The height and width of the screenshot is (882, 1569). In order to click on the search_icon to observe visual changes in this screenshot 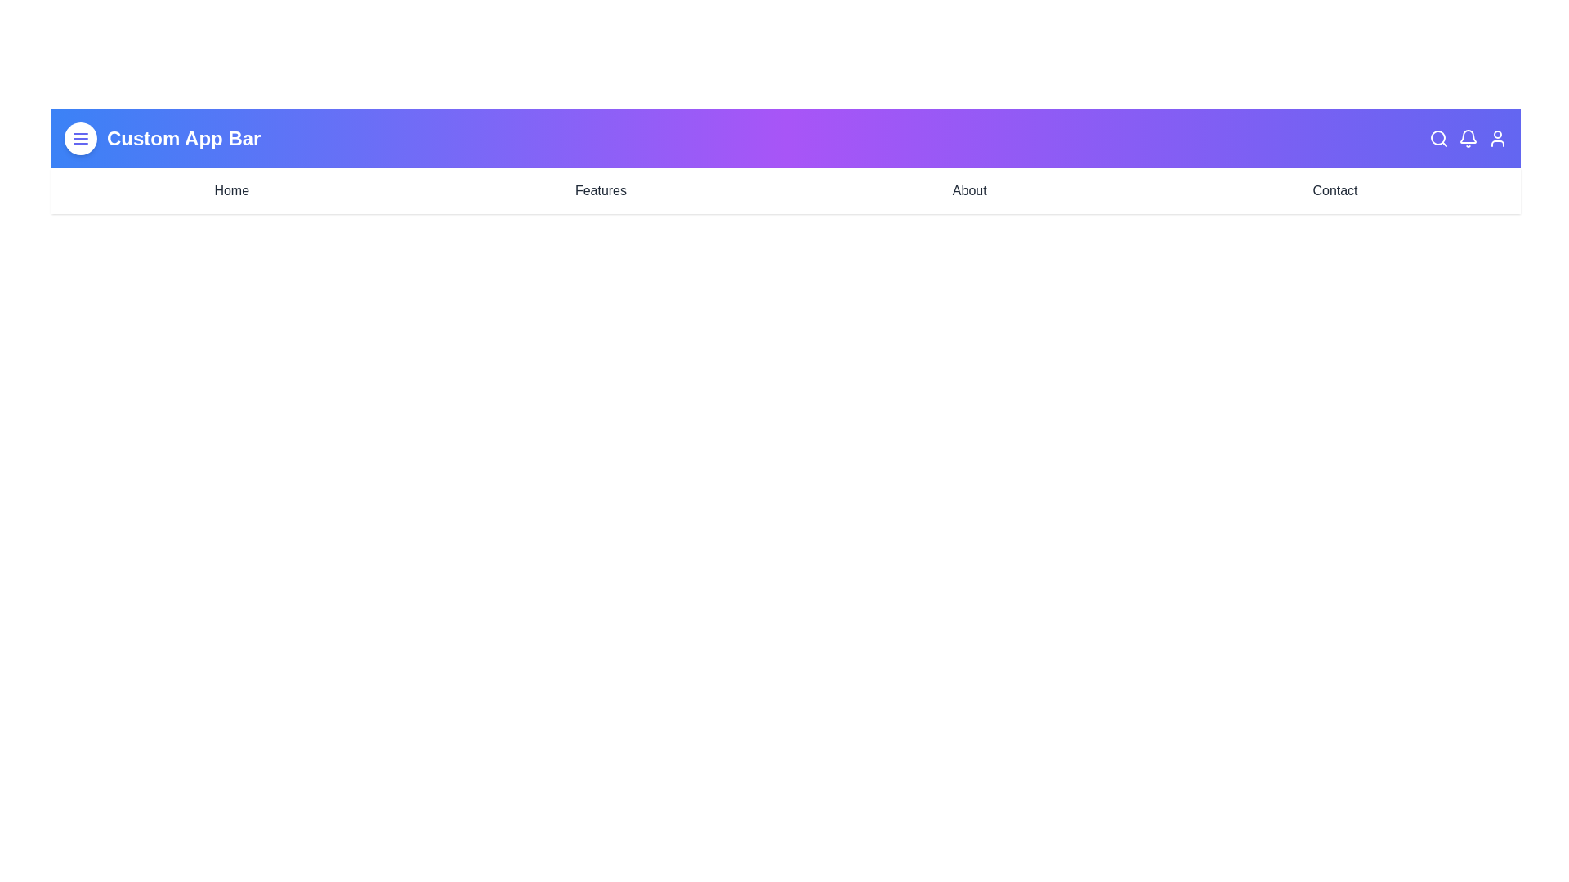, I will do `click(1439, 137)`.